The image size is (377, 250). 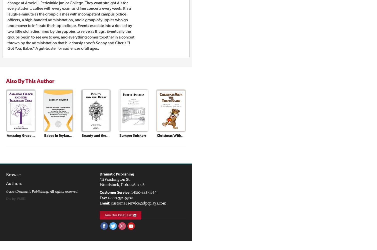 What do you see at coordinates (103, 198) in the screenshot?
I see `'Fax:'` at bounding box center [103, 198].